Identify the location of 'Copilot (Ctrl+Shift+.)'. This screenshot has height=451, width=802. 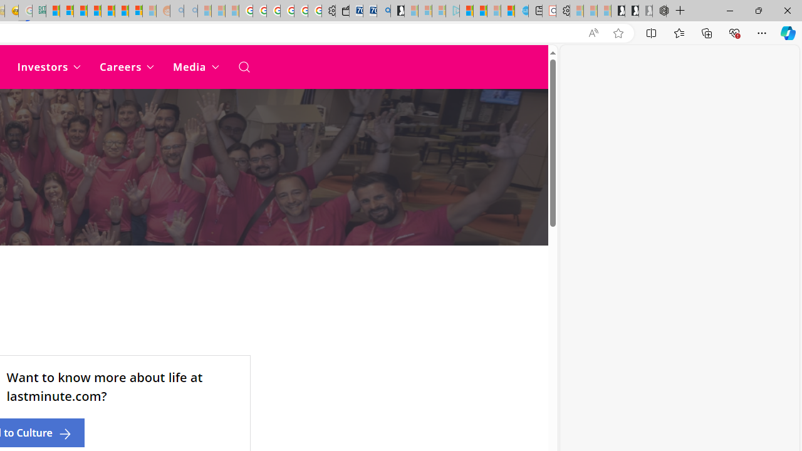
(788, 32).